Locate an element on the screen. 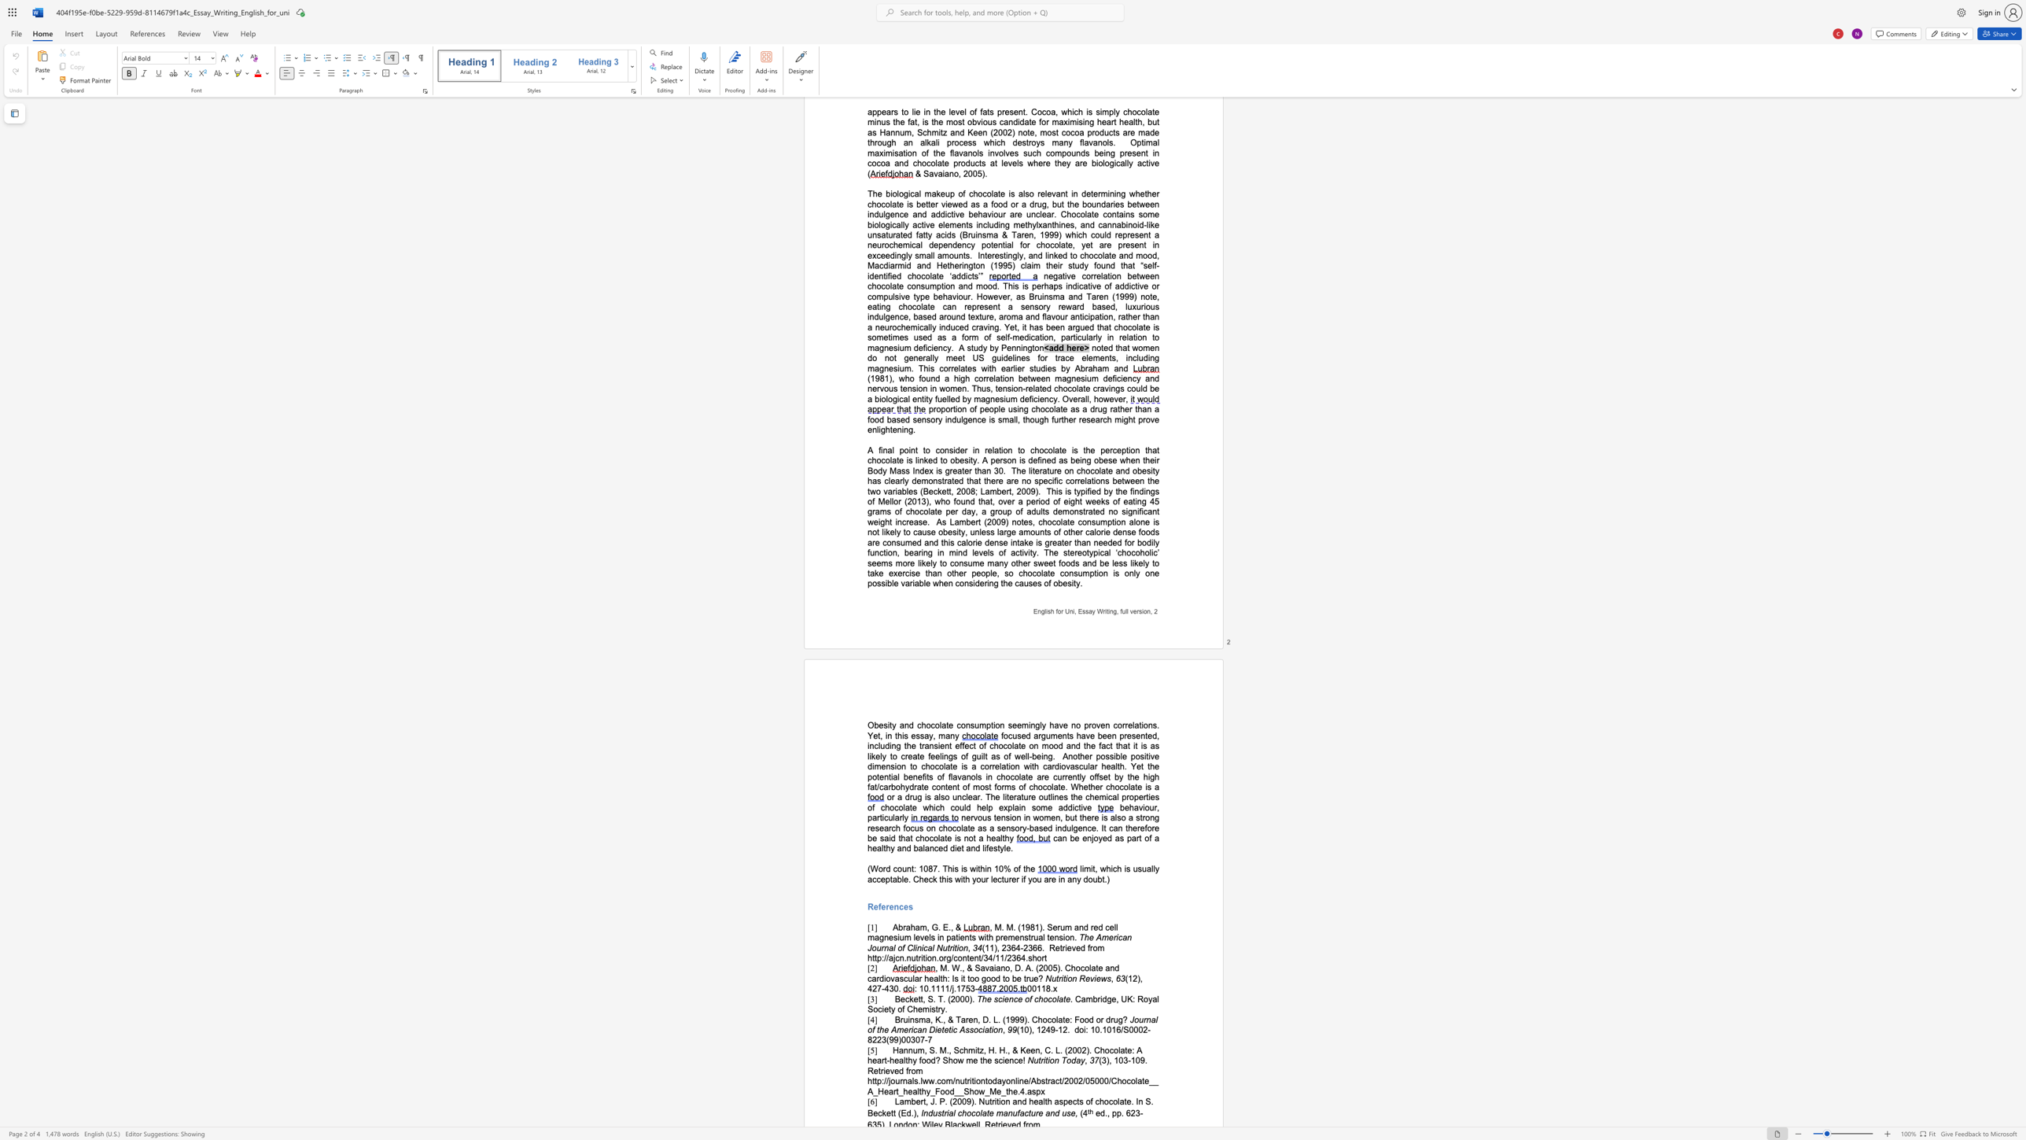 The width and height of the screenshot is (2026, 1140). the subset text "nal of the American Dietetic Associ" within the text "Journal of the American Dietetic Association" is located at coordinates (1145, 1019).